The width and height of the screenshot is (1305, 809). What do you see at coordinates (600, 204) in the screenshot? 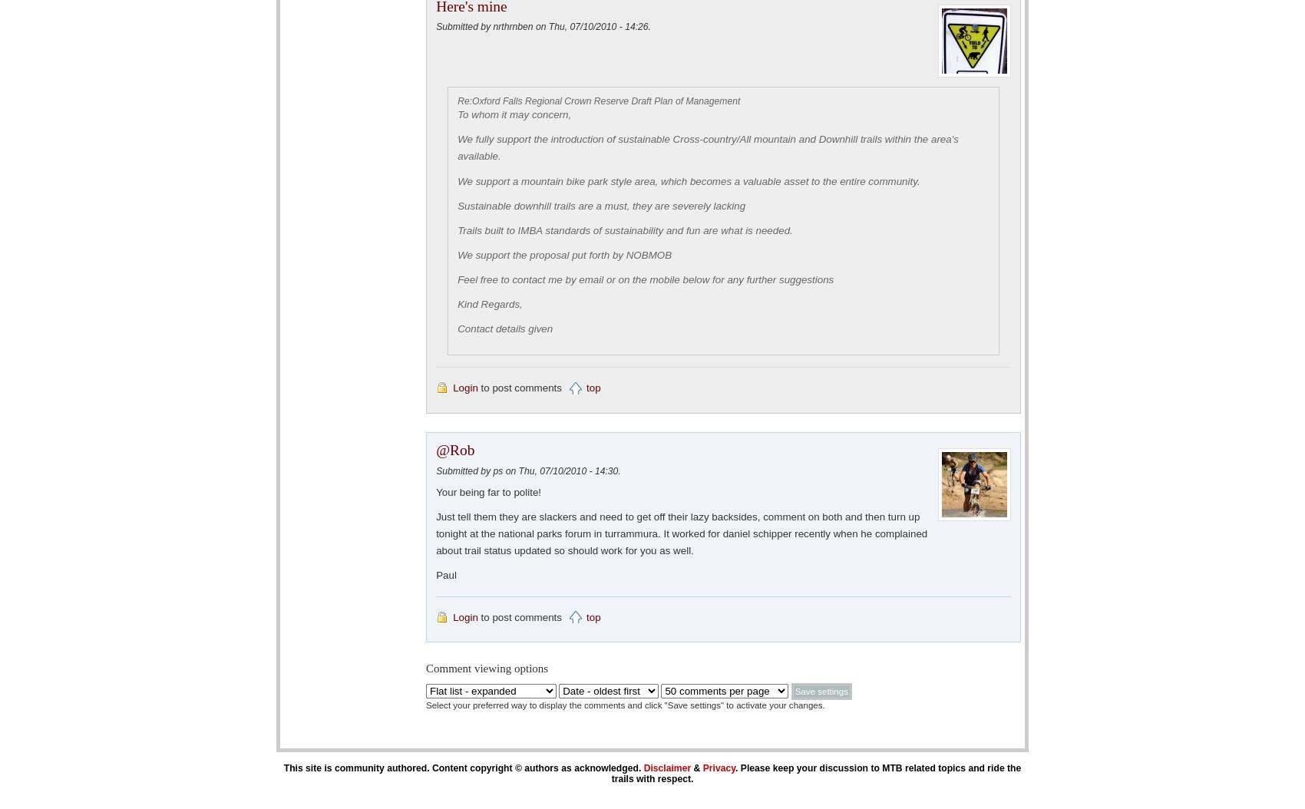
I see `'Sustainable downhill trails are a must, they are severely lacking'` at bounding box center [600, 204].